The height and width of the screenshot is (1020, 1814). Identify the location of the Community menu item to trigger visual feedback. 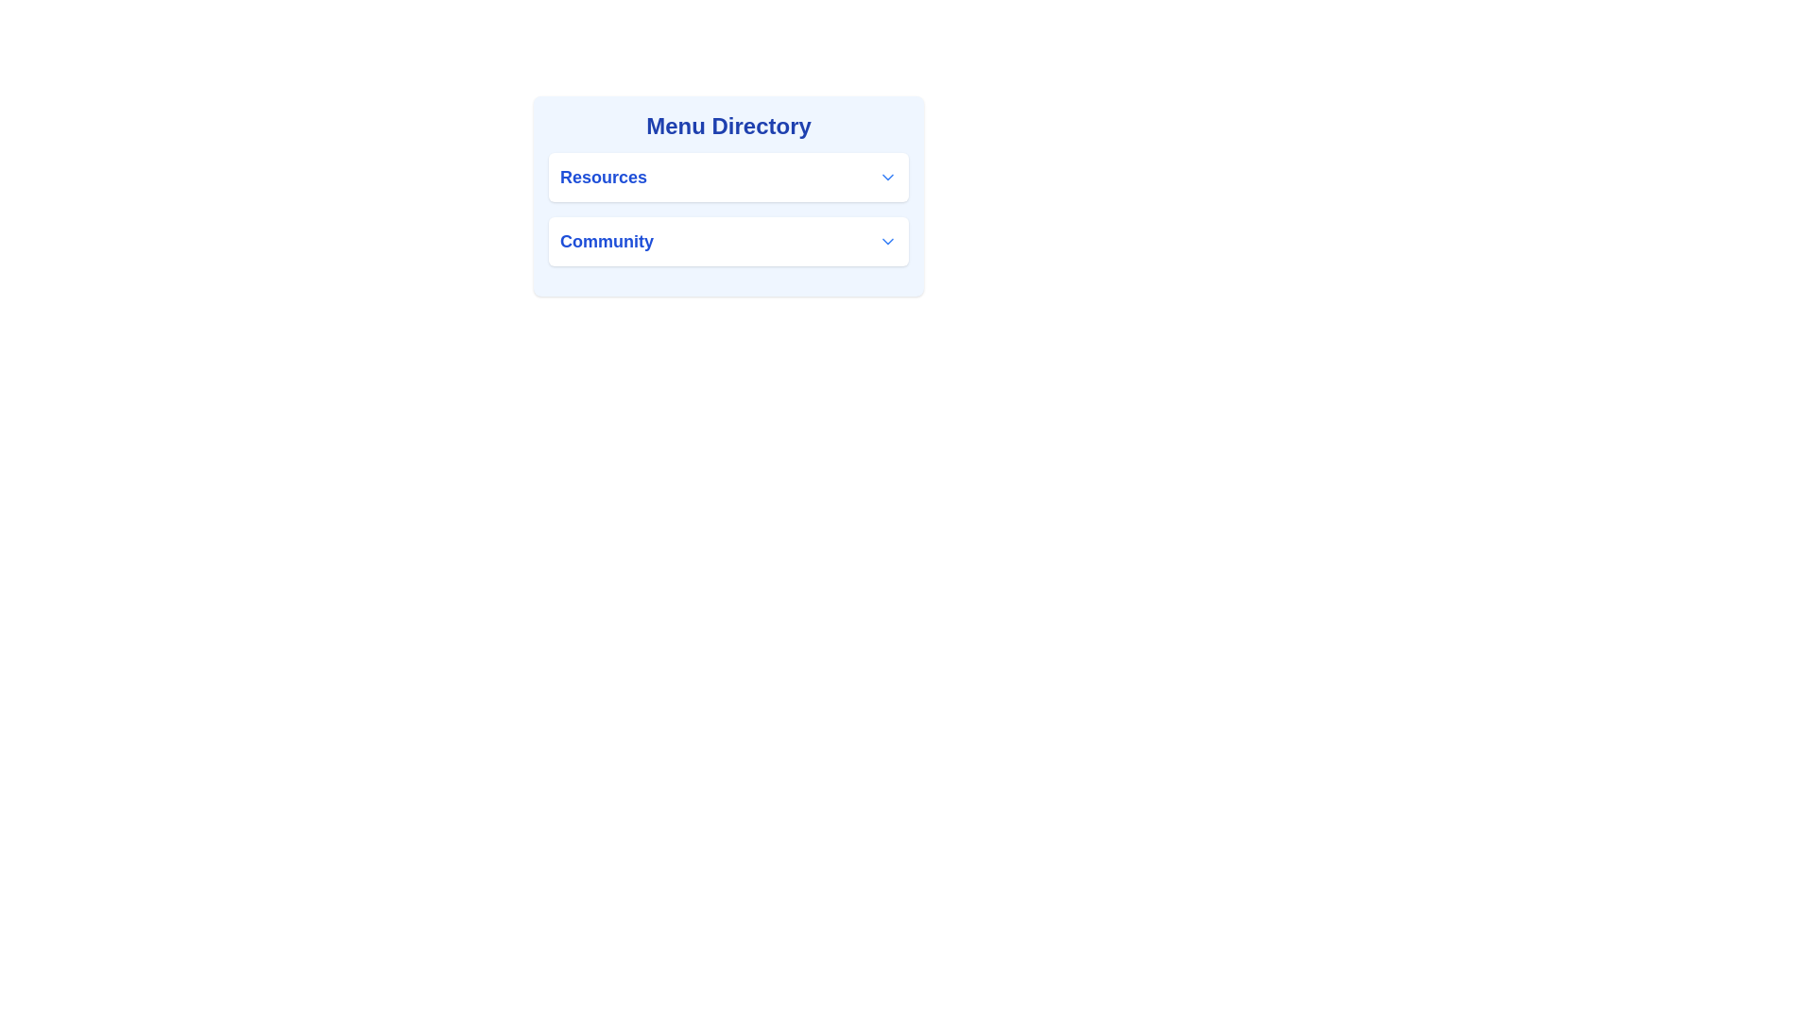
(727, 240).